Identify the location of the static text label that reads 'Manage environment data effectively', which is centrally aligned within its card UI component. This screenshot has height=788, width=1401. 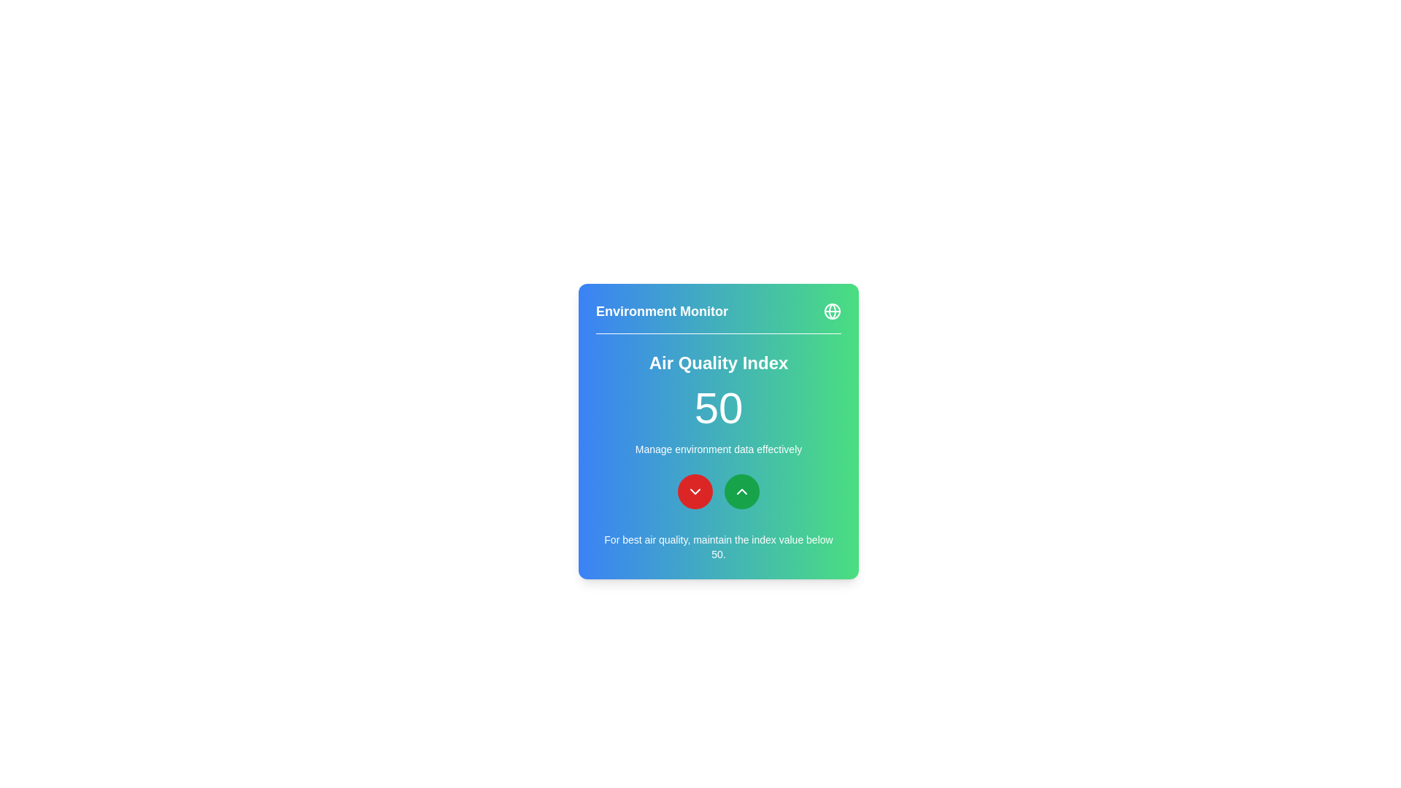
(718, 449).